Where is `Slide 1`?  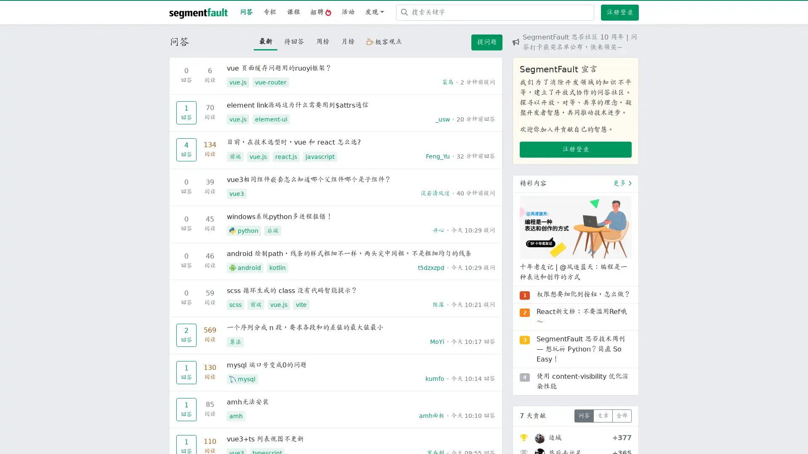 Slide 1 is located at coordinates (560, 347).